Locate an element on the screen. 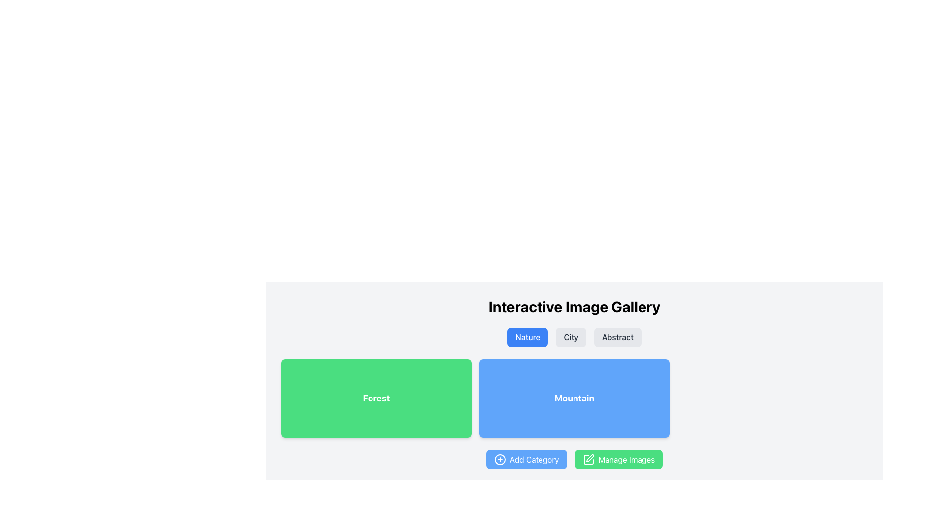  the rectangular interactive button with a light green background and white bold text that reads 'Forest' is located at coordinates (375, 398).